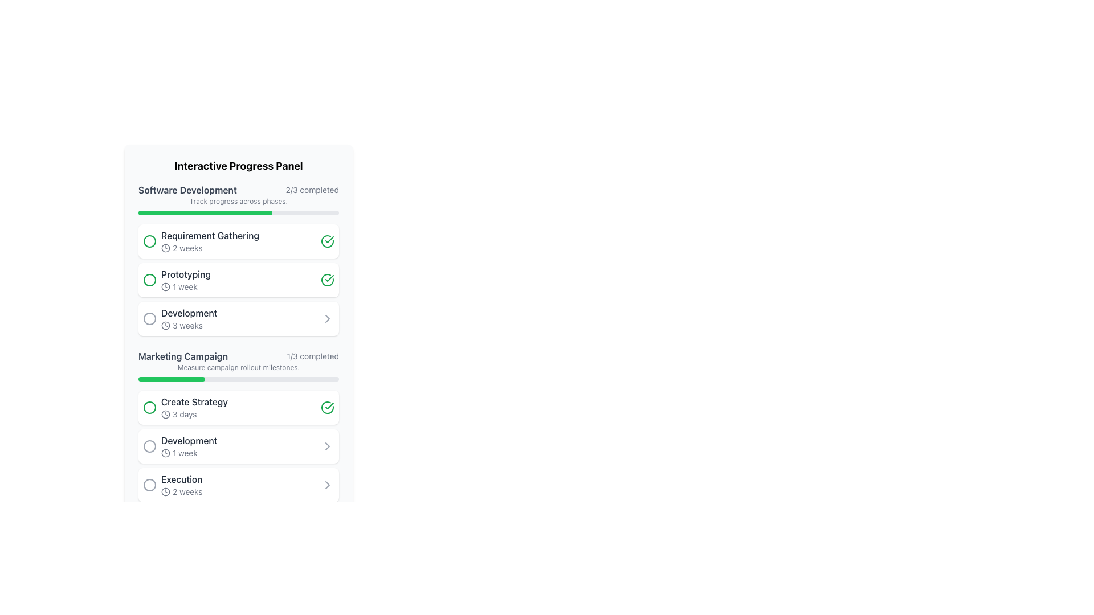 The height and width of the screenshot is (615, 1094). I want to click on text of the third List item under the 'Marketing Campaign' section, which includes 'Execution' in bold dark grey and '2 weeks' in light grey with a clock icon, so click(181, 485).